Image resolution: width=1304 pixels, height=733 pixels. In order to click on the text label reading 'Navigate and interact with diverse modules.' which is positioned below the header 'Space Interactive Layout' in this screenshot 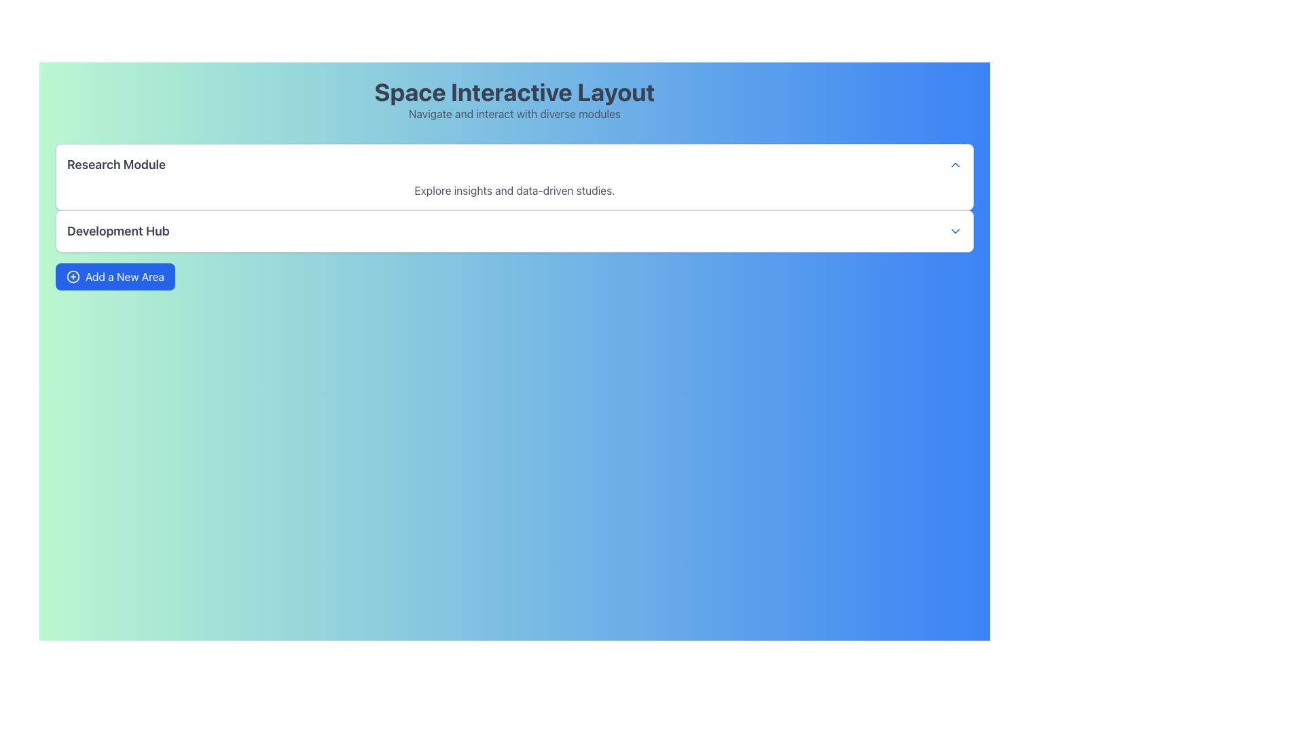, I will do `click(514, 113)`.